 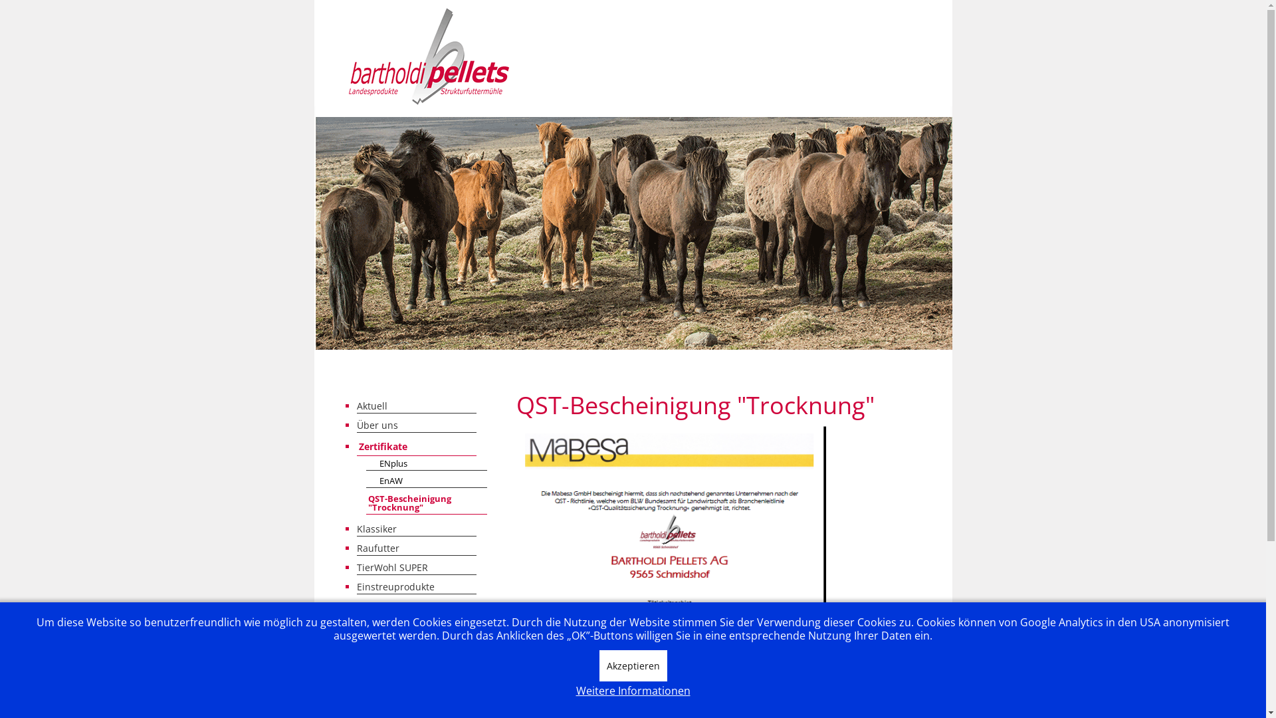 What do you see at coordinates (415, 605) in the screenshot?
I see `'Einstreu-Preisliste'` at bounding box center [415, 605].